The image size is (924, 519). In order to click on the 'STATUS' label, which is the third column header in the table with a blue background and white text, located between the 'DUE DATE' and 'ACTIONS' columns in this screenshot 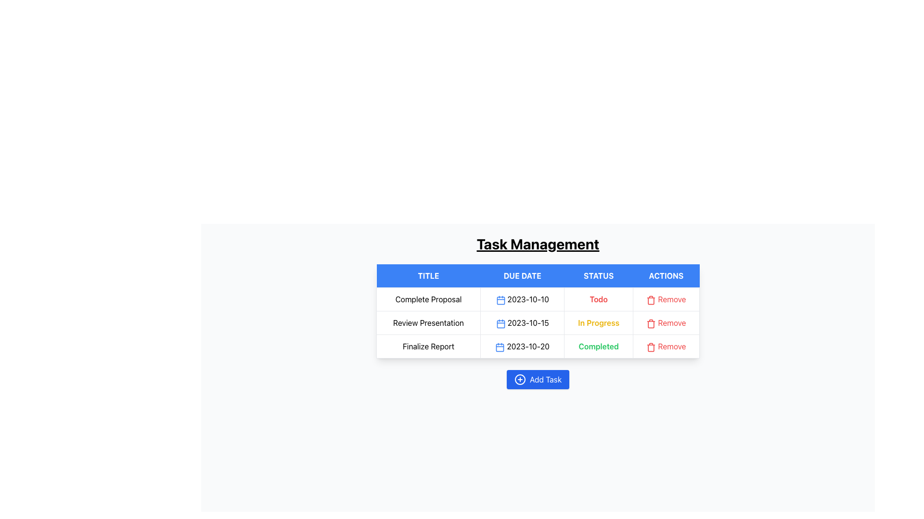, I will do `click(598, 276)`.